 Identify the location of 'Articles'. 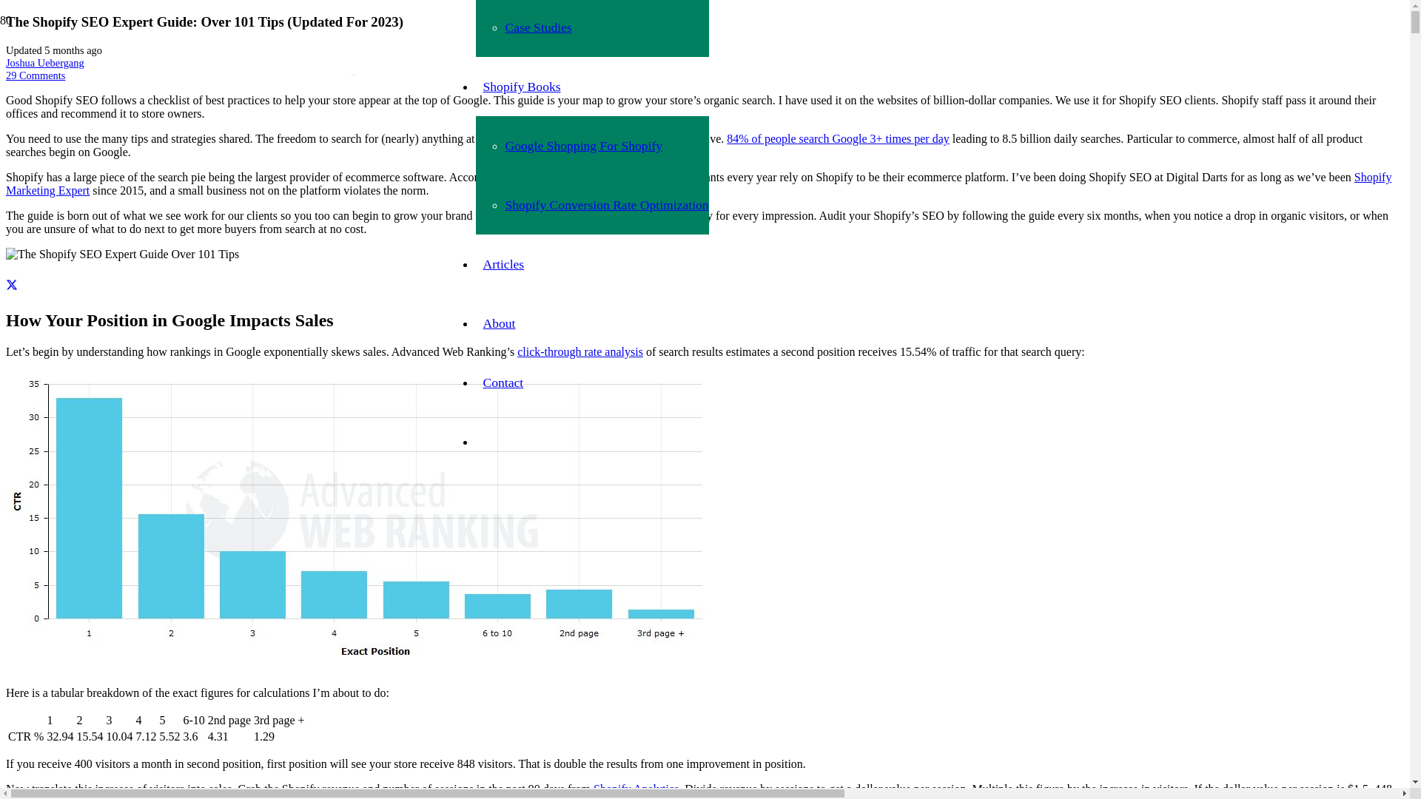
(503, 263).